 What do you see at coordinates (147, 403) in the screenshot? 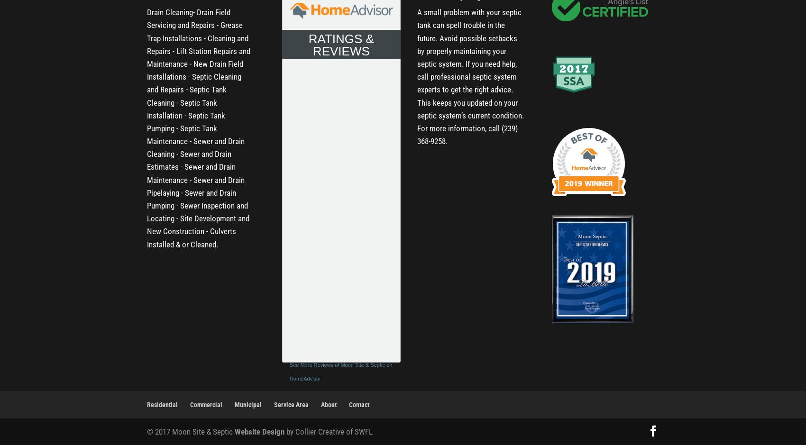
I see `'Residential'` at bounding box center [147, 403].